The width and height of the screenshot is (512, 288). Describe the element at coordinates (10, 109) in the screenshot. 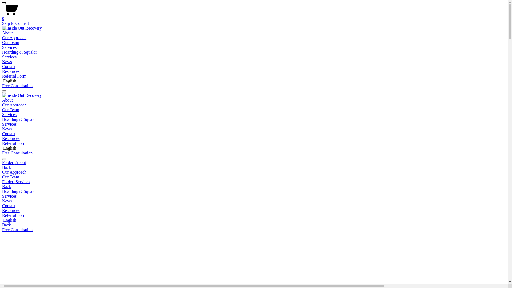

I see `'Our Team'` at that location.